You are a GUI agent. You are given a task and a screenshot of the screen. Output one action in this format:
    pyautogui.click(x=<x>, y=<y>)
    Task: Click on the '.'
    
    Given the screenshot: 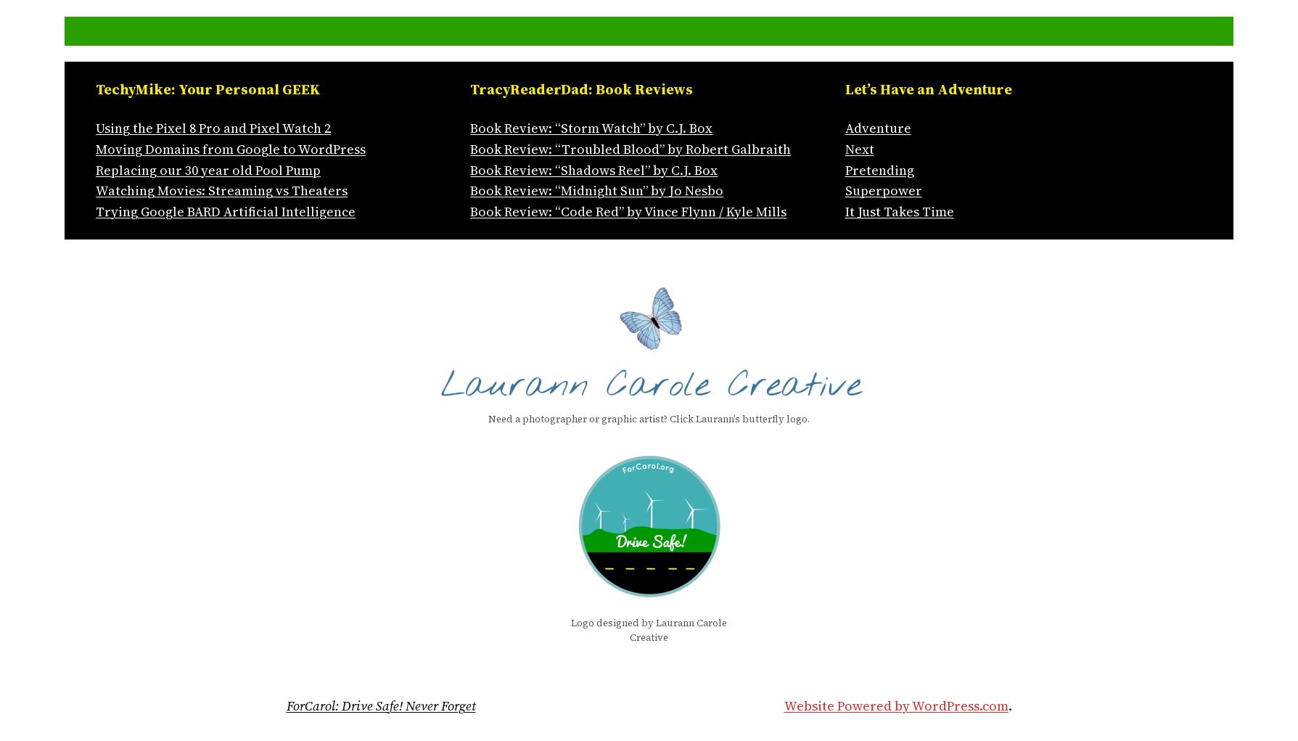 What is the action you would take?
    pyautogui.click(x=1009, y=705)
    